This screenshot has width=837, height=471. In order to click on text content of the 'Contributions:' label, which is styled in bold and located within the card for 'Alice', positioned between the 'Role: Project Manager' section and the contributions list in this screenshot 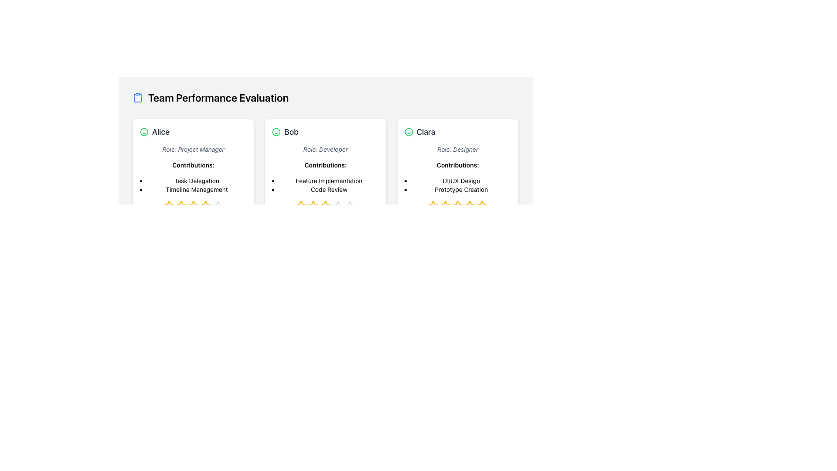, I will do `click(193, 165)`.